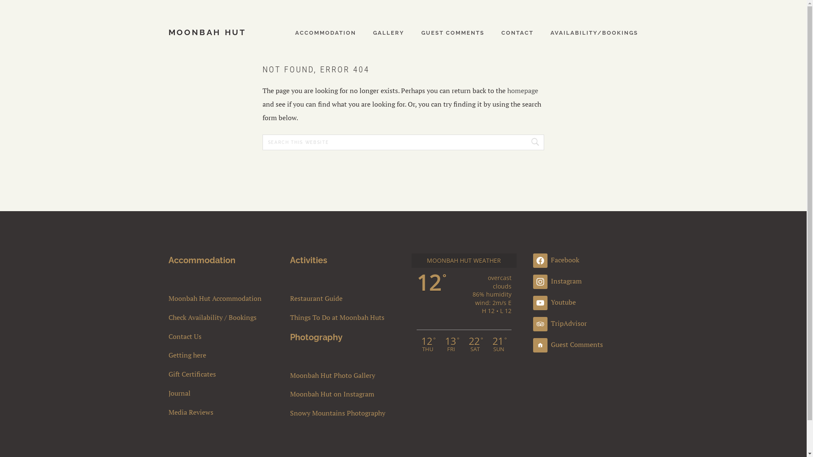  What do you see at coordinates (290, 413) in the screenshot?
I see `'Snowy Mountains Photography'` at bounding box center [290, 413].